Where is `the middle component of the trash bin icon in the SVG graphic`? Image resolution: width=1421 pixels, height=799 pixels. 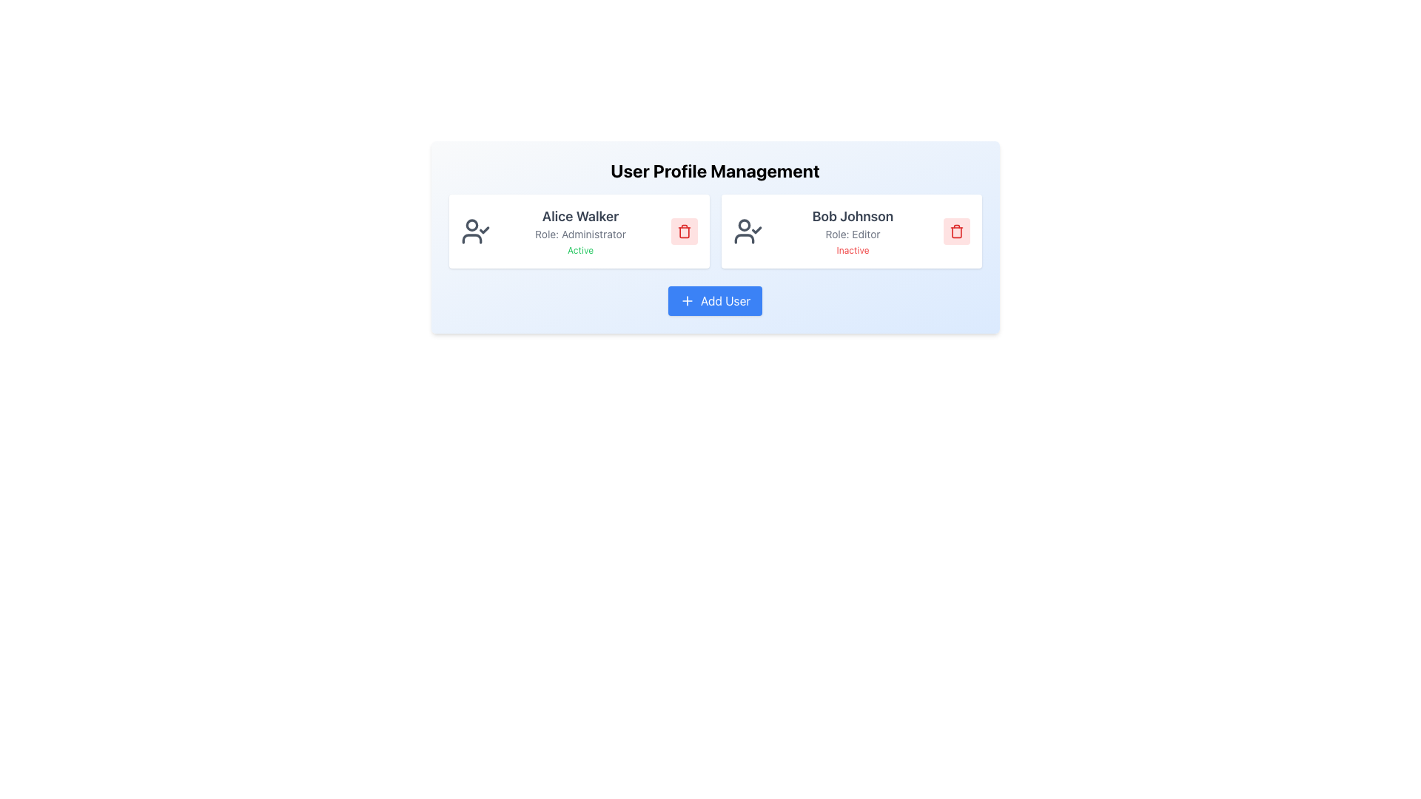
the middle component of the trash bin icon in the SVG graphic is located at coordinates (956, 232).